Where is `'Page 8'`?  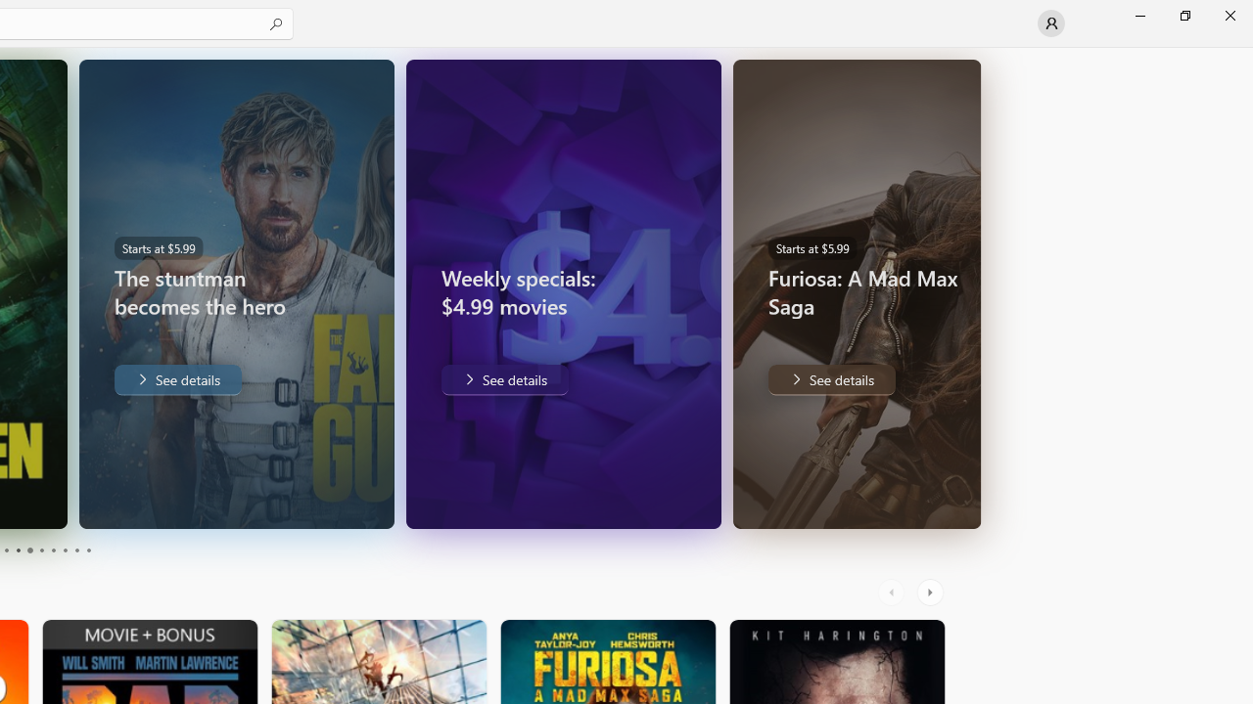 'Page 8' is located at coordinates (64, 550).